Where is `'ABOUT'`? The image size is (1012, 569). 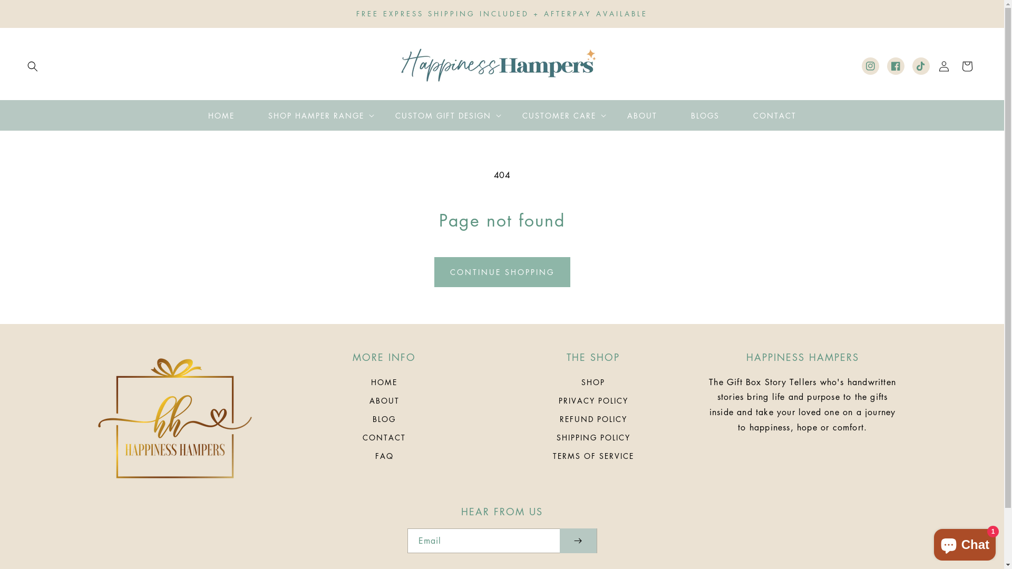 'ABOUT' is located at coordinates (610, 115).